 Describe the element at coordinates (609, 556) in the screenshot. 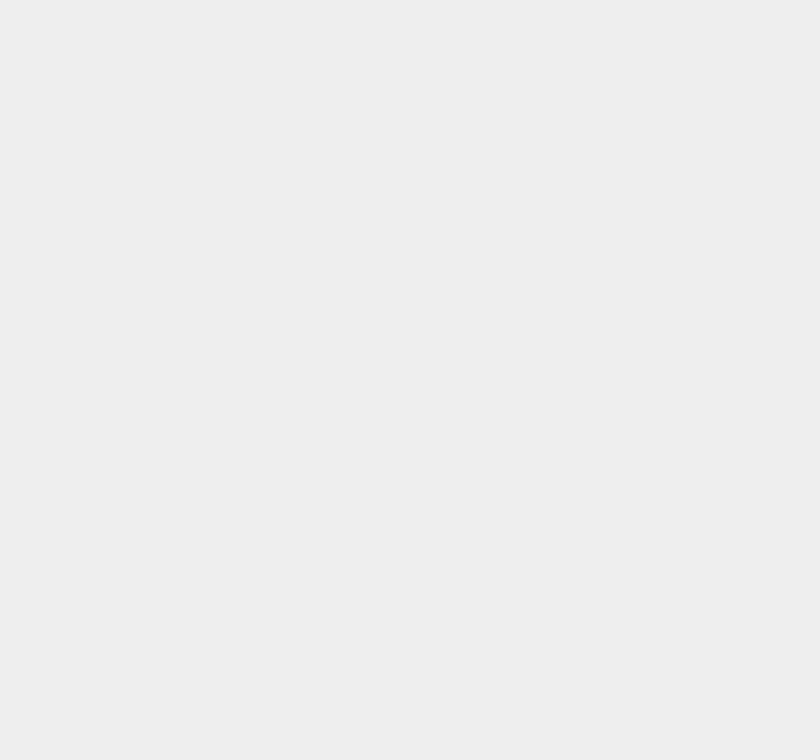

I see `'Gaming Console'` at that location.